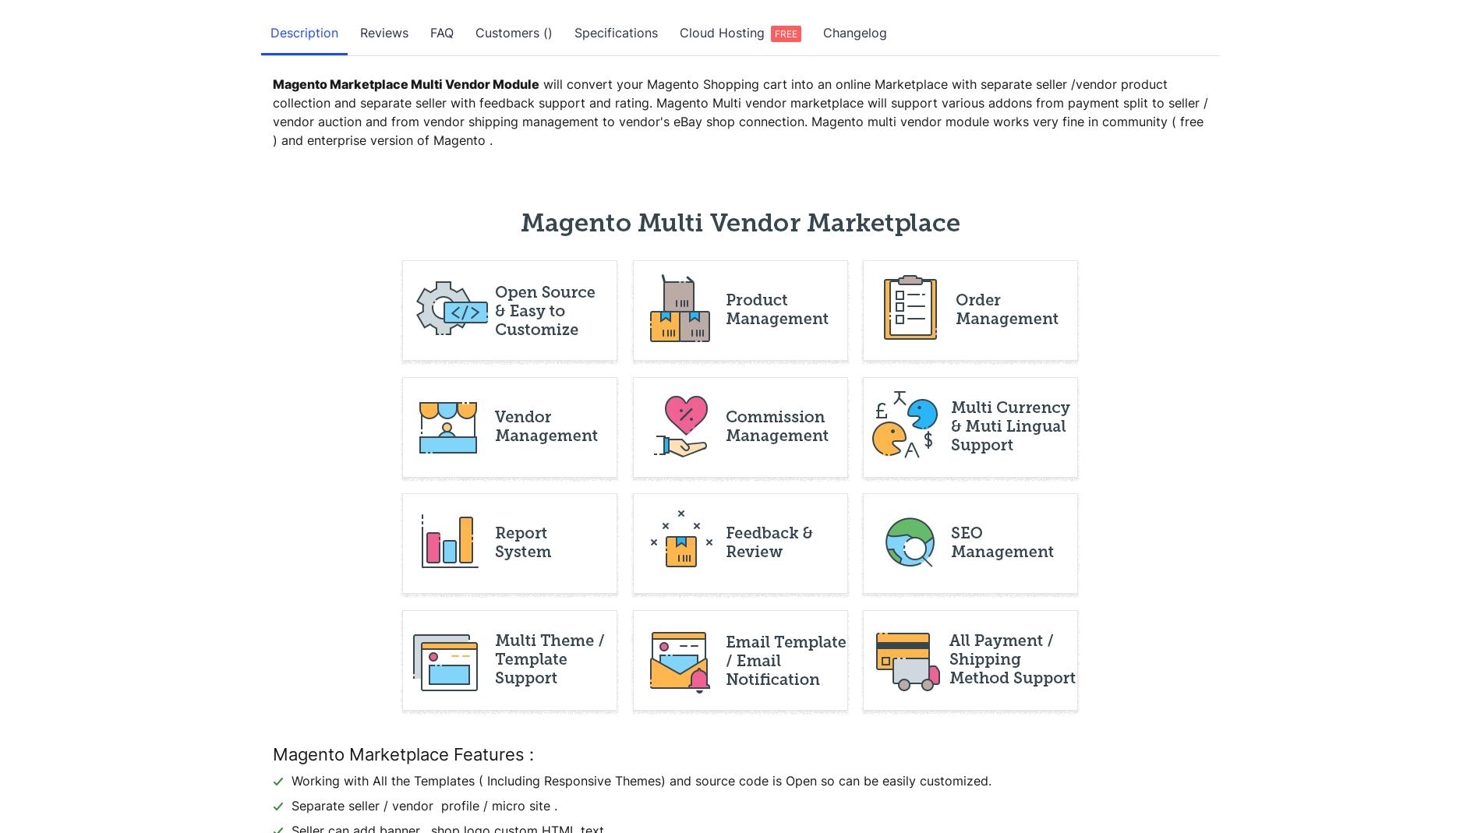  I want to click on 'Customers (', so click(475, 32).